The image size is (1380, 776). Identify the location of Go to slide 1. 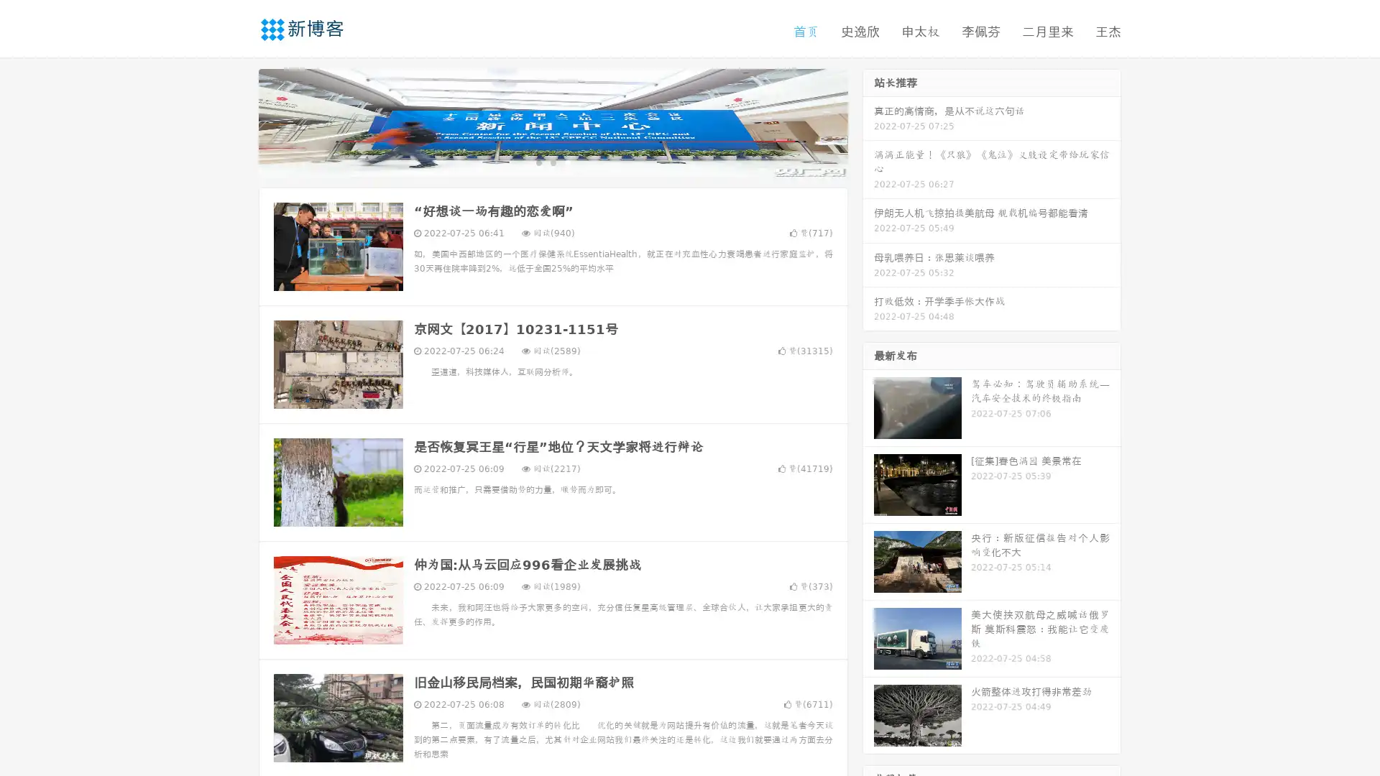
(538, 162).